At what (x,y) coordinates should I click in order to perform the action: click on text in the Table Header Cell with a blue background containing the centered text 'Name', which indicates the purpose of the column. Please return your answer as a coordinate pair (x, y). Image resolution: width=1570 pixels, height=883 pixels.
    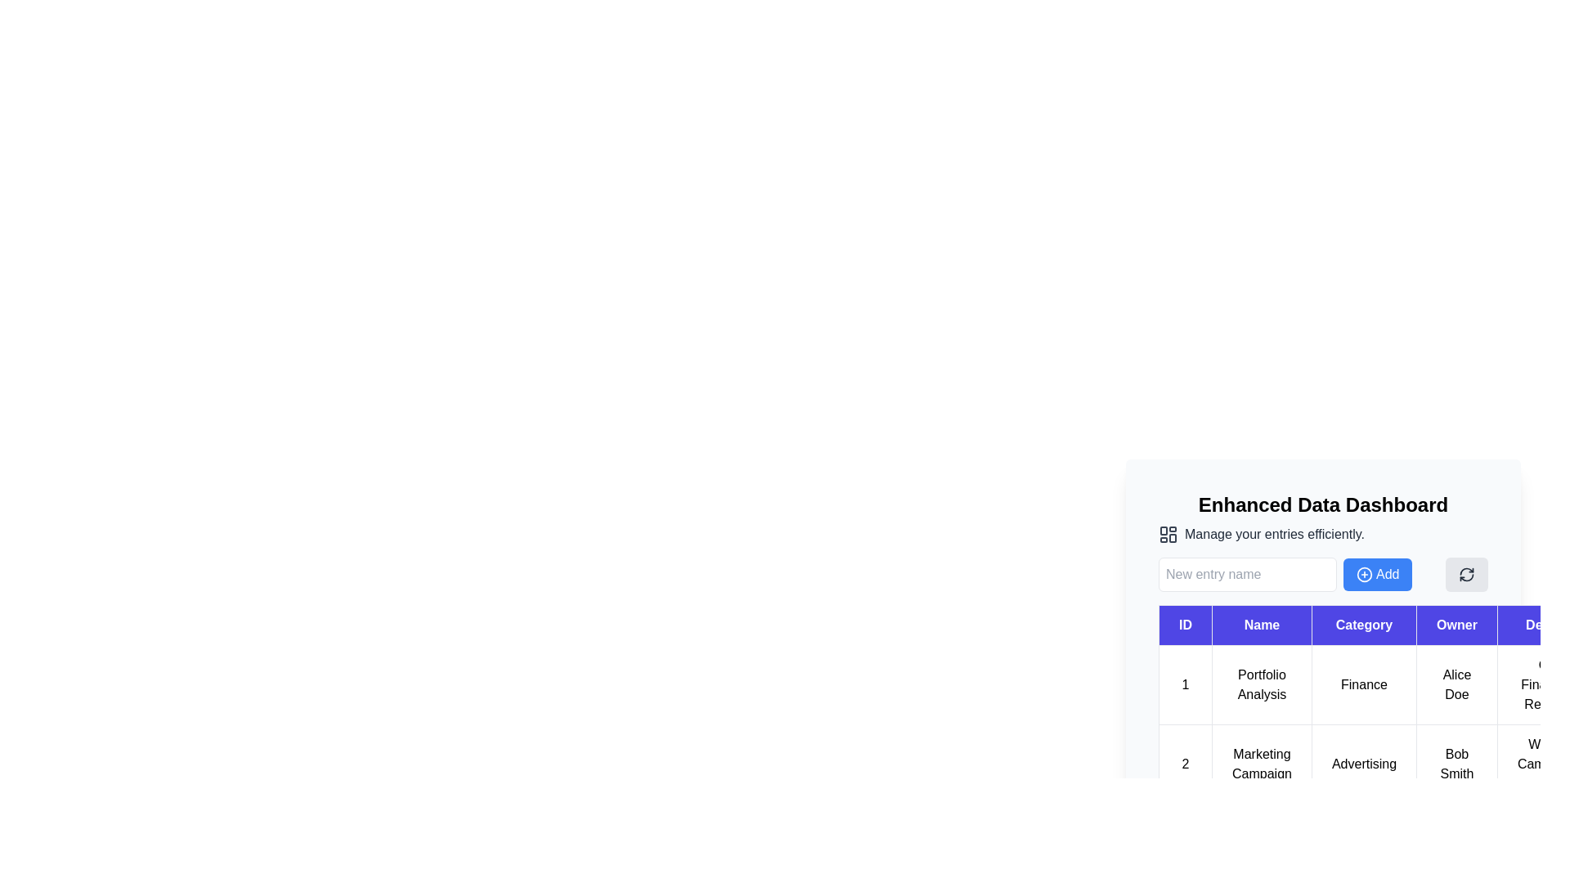
    Looking at the image, I should click on (1261, 625).